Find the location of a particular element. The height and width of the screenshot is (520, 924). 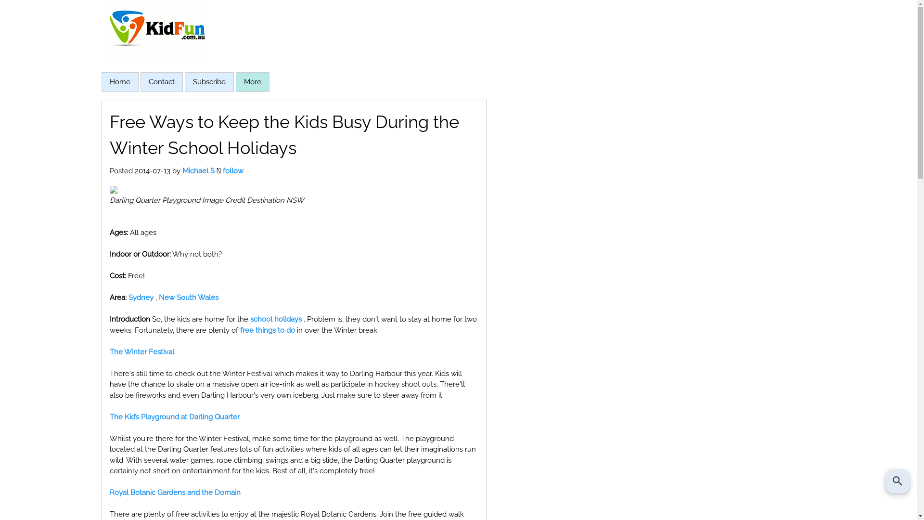

'More' is located at coordinates (252, 81).